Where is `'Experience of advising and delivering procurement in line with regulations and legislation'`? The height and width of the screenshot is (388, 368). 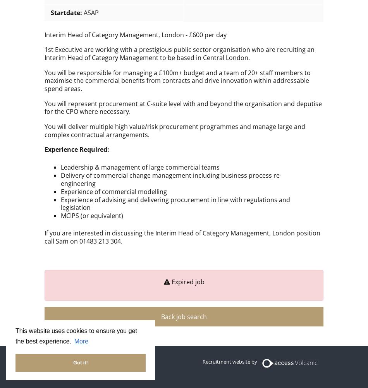 'Experience of advising and delivering procurement in line with regulations and legislation' is located at coordinates (175, 203).